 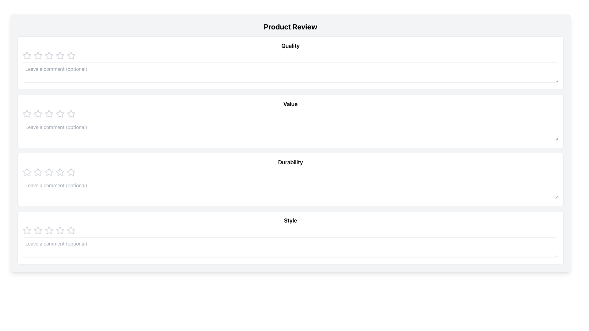 What do you see at coordinates (48, 172) in the screenshot?
I see `the first star icon button for selecting and confirming the rating for the 'Durability' criterion` at bounding box center [48, 172].